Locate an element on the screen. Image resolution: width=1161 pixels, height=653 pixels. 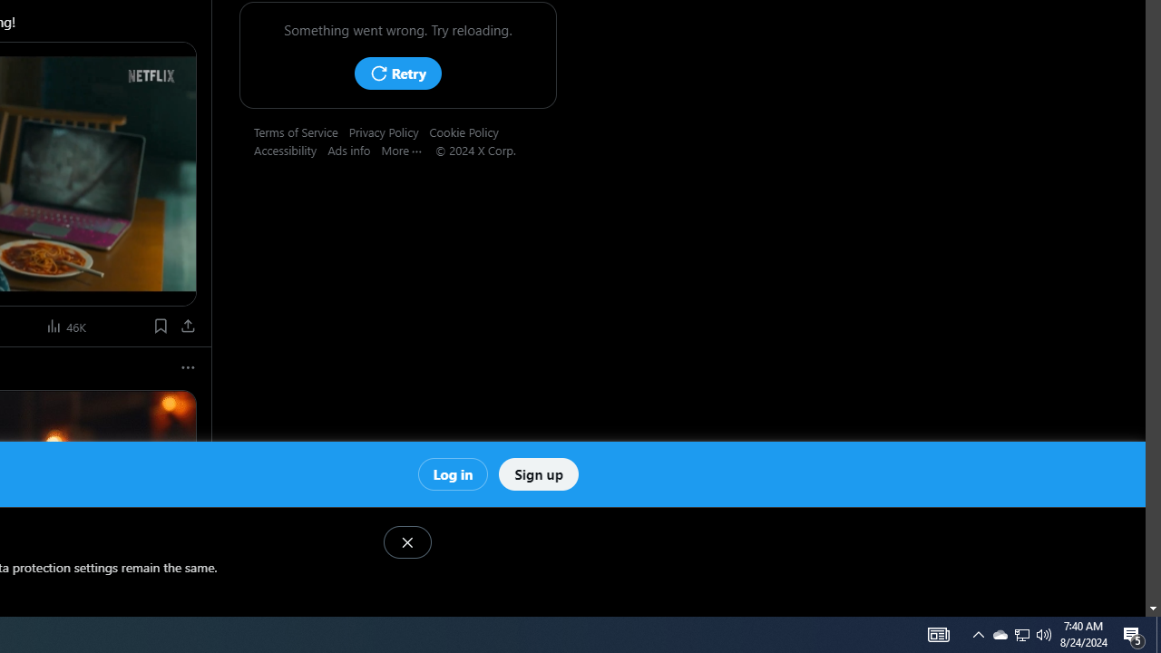
'Sign up' is located at coordinates (537, 473).